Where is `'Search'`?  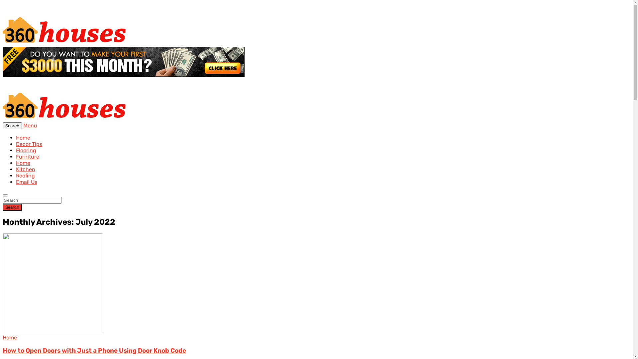 'Search' is located at coordinates (3, 207).